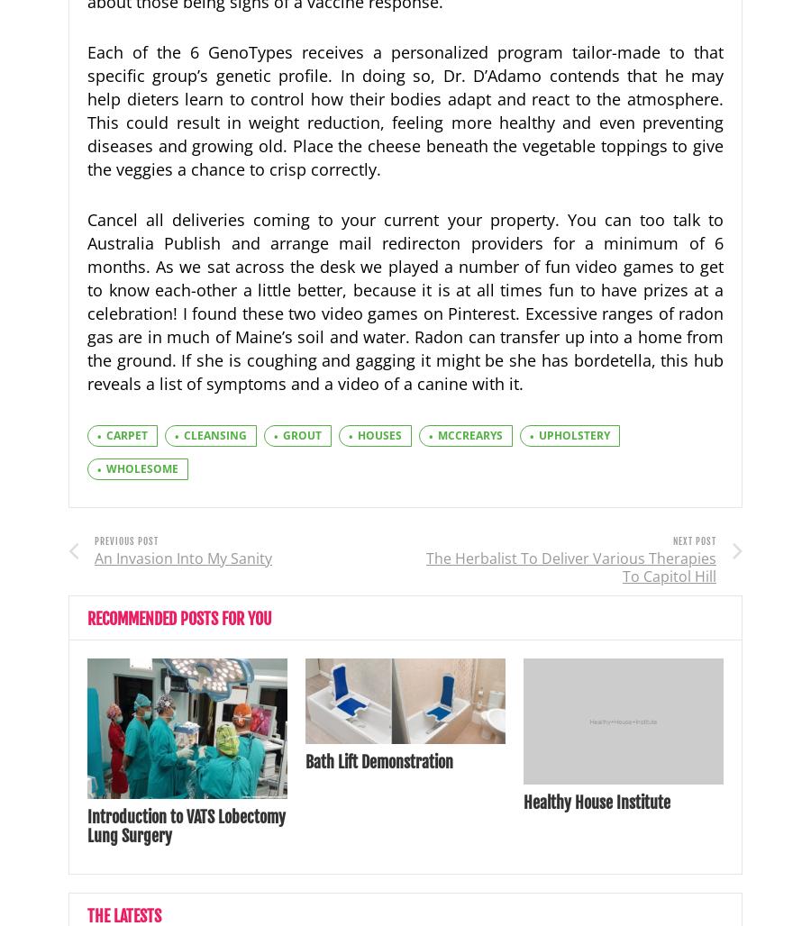 The image size is (811, 926). Describe the element at coordinates (142, 468) in the screenshot. I see `'wholesome'` at that location.